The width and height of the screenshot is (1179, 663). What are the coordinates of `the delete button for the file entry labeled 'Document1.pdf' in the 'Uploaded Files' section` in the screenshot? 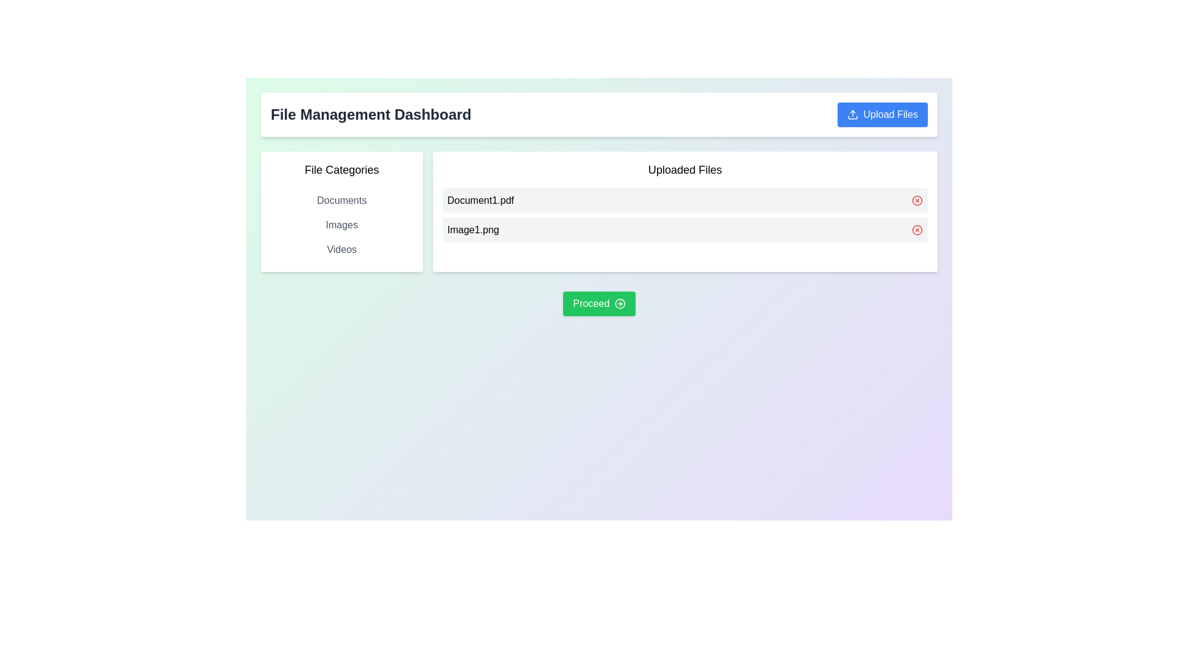 It's located at (917, 200).